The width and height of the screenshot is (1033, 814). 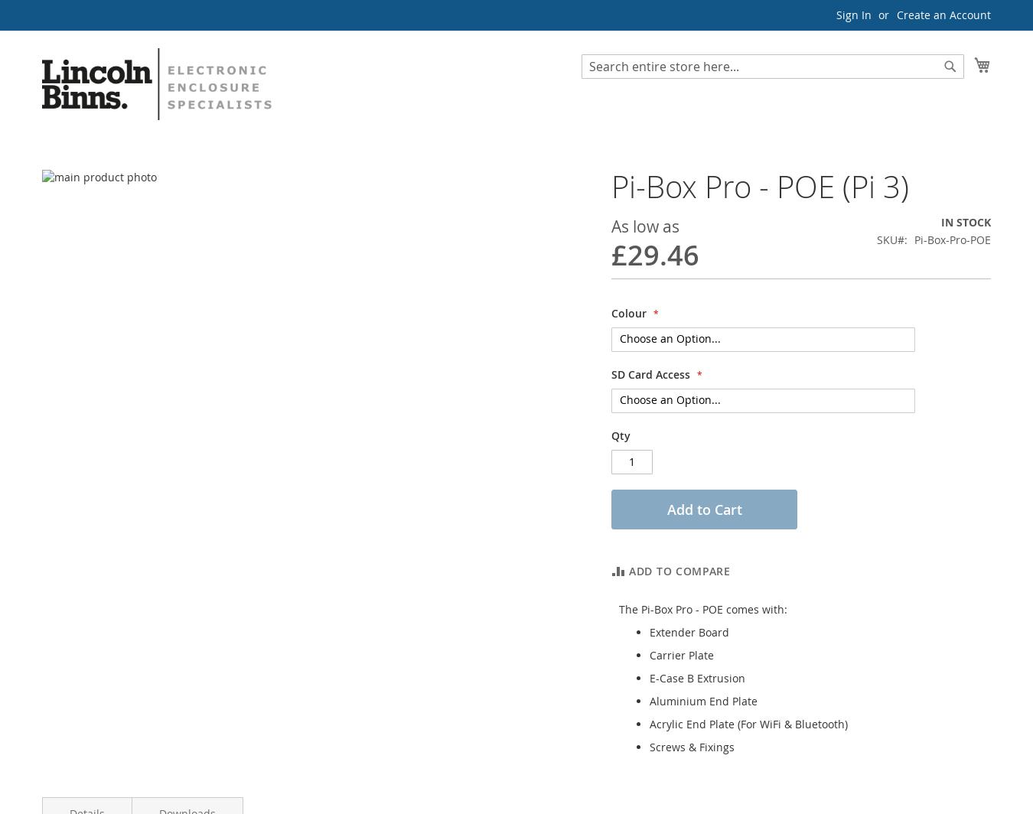 What do you see at coordinates (854, 15) in the screenshot?
I see `'Sign In'` at bounding box center [854, 15].